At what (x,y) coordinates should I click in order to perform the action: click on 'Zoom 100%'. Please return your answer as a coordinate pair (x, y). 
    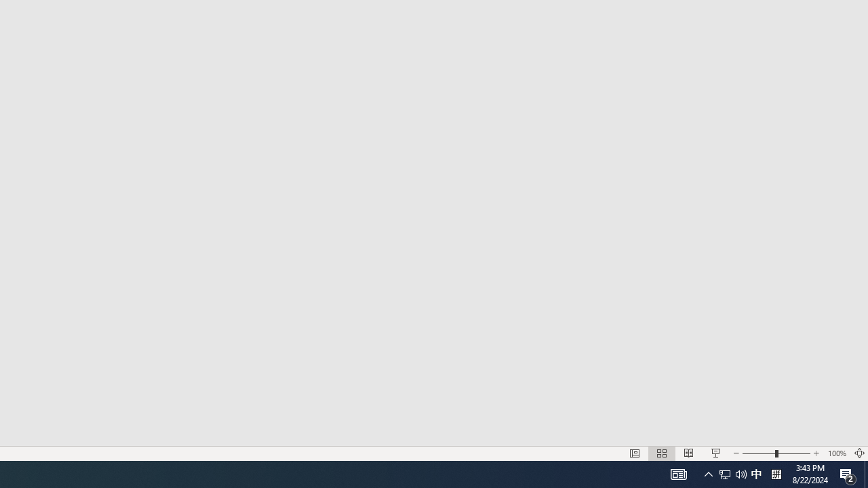
    Looking at the image, I should click on (836, 453).